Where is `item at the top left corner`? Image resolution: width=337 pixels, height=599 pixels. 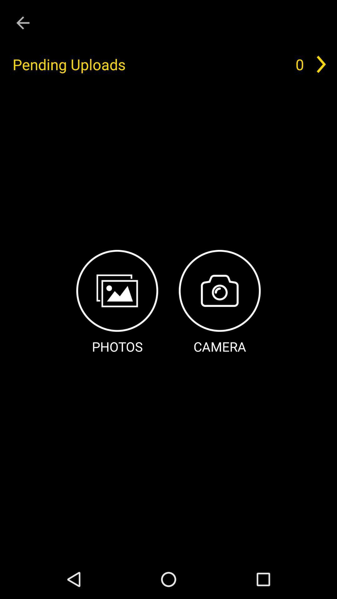 item at the top left corner is located at coordinates (22, 23).